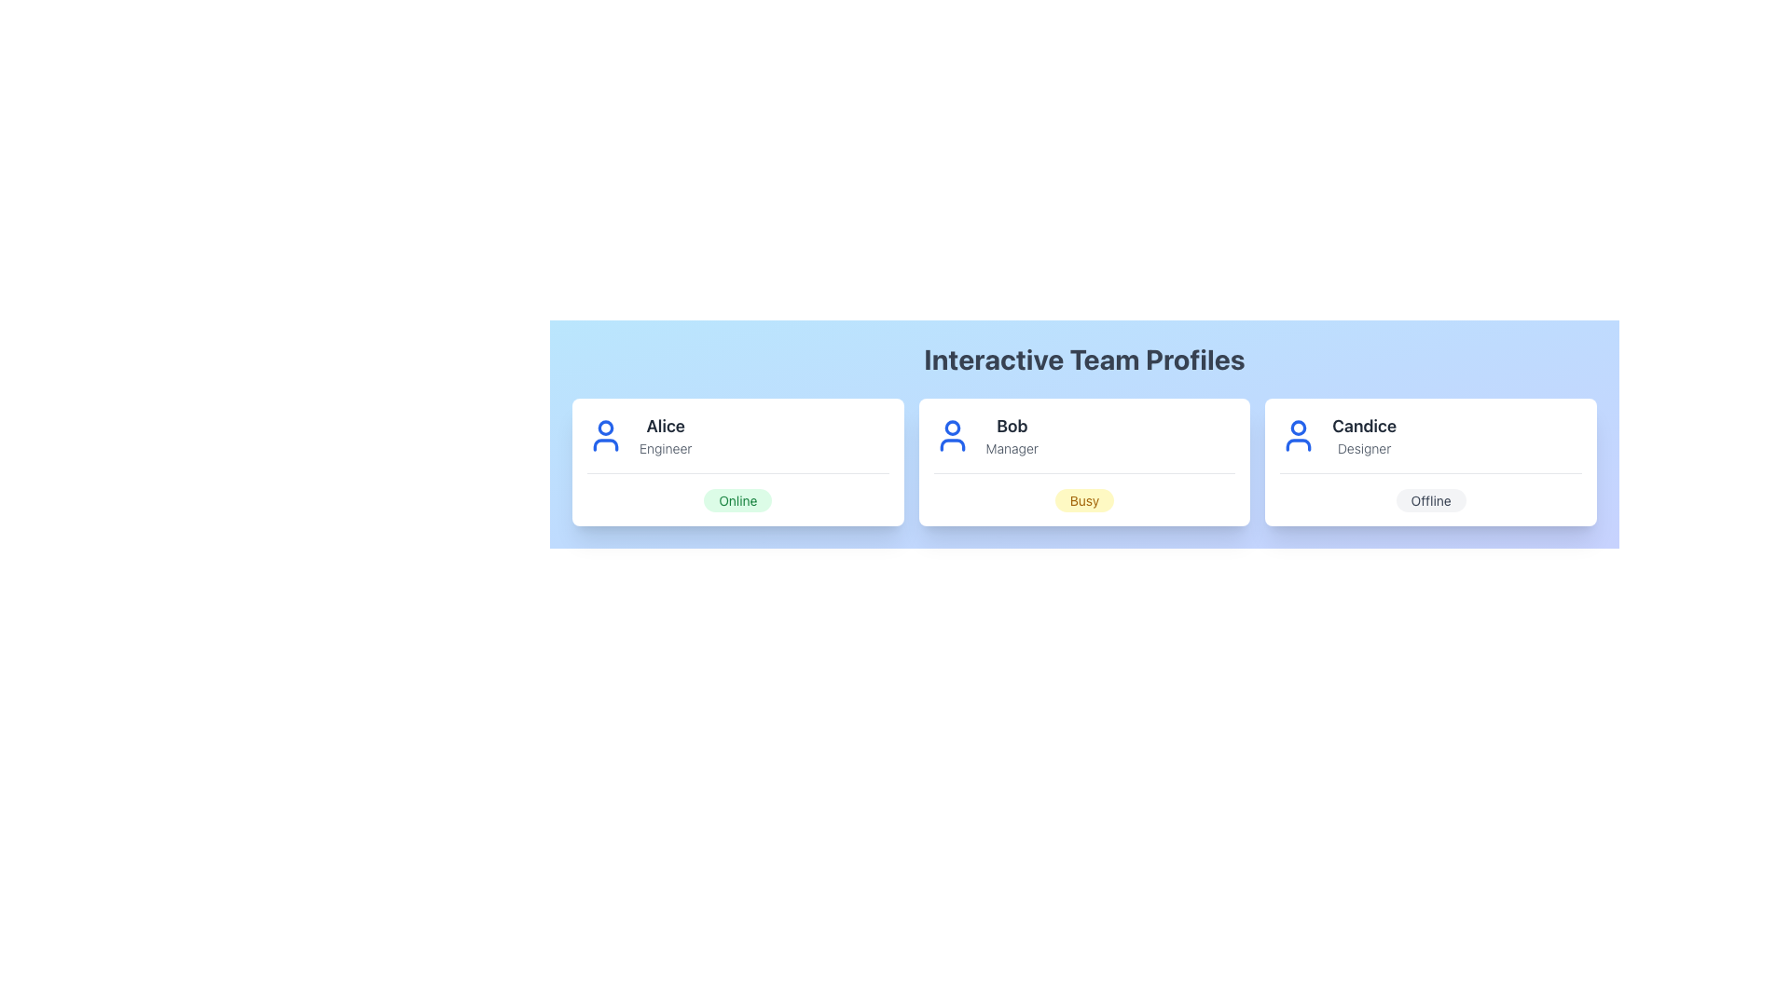  I want to click on the user icon for 'Alice', which is styled as a circular head and shoulders with a thin blue outline, located at the top-left corner of her profile card, so click(605, 435).